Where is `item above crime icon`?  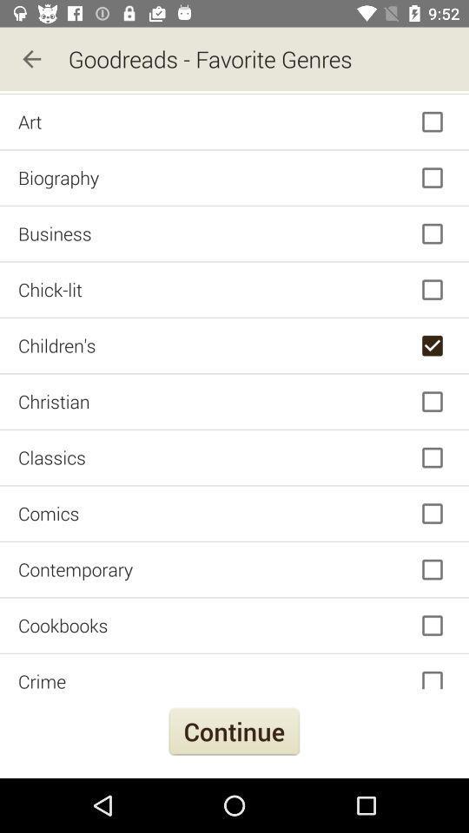 item above crime icon is located at coordinates (234, 625).